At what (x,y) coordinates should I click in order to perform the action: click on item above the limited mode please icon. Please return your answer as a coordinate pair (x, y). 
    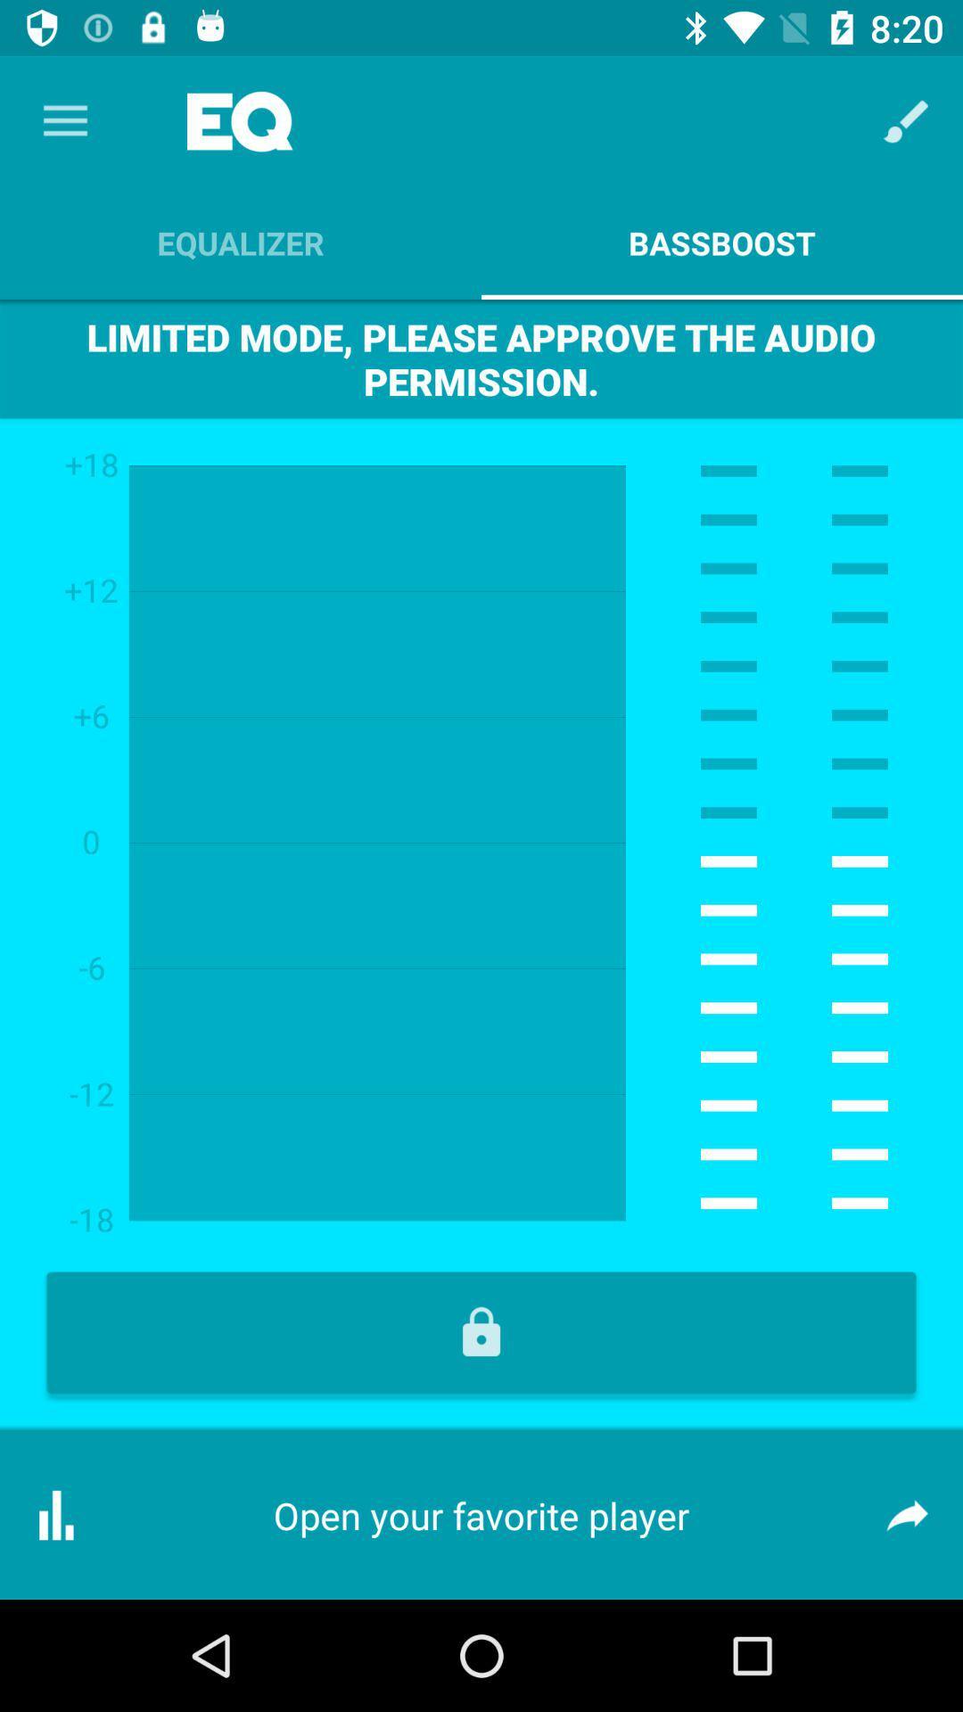
    Looking at the image, I should click on (241, 243).